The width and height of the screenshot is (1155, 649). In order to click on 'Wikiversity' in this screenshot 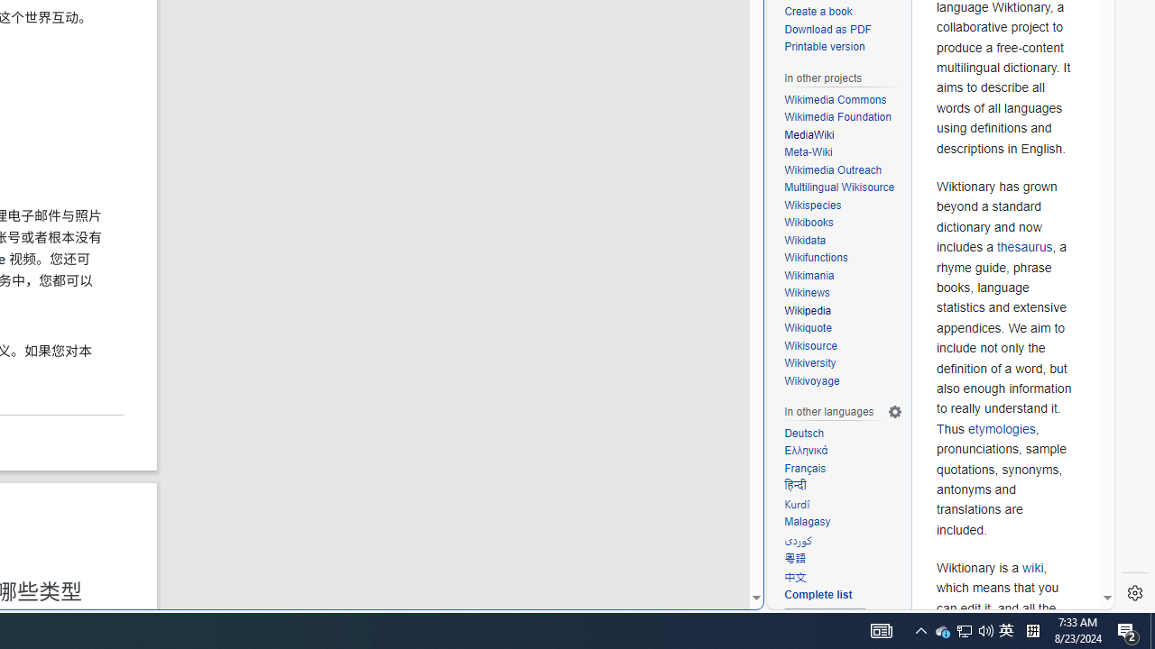, I will do `click(843, 363)`.